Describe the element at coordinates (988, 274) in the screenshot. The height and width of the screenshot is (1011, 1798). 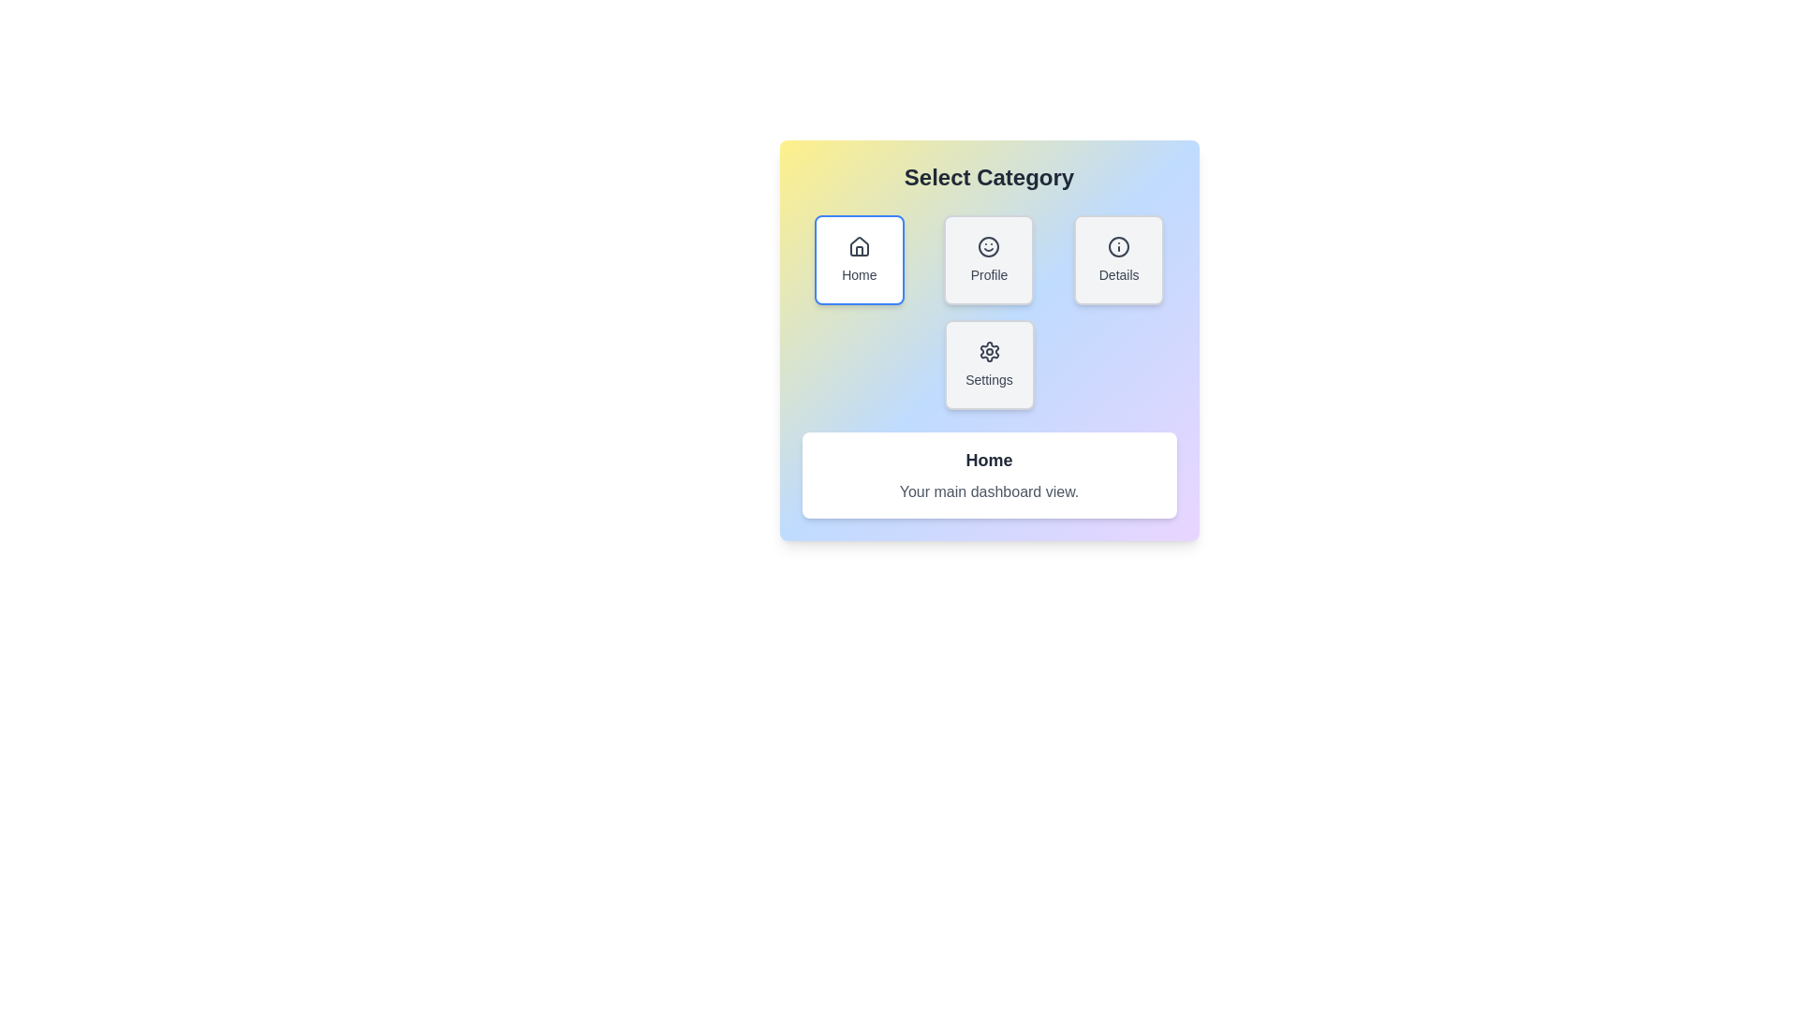
I see `the 'Profile' text label, which is displayed in small font below a smiling face icon in the 'Select Category' grid layout` at that location.